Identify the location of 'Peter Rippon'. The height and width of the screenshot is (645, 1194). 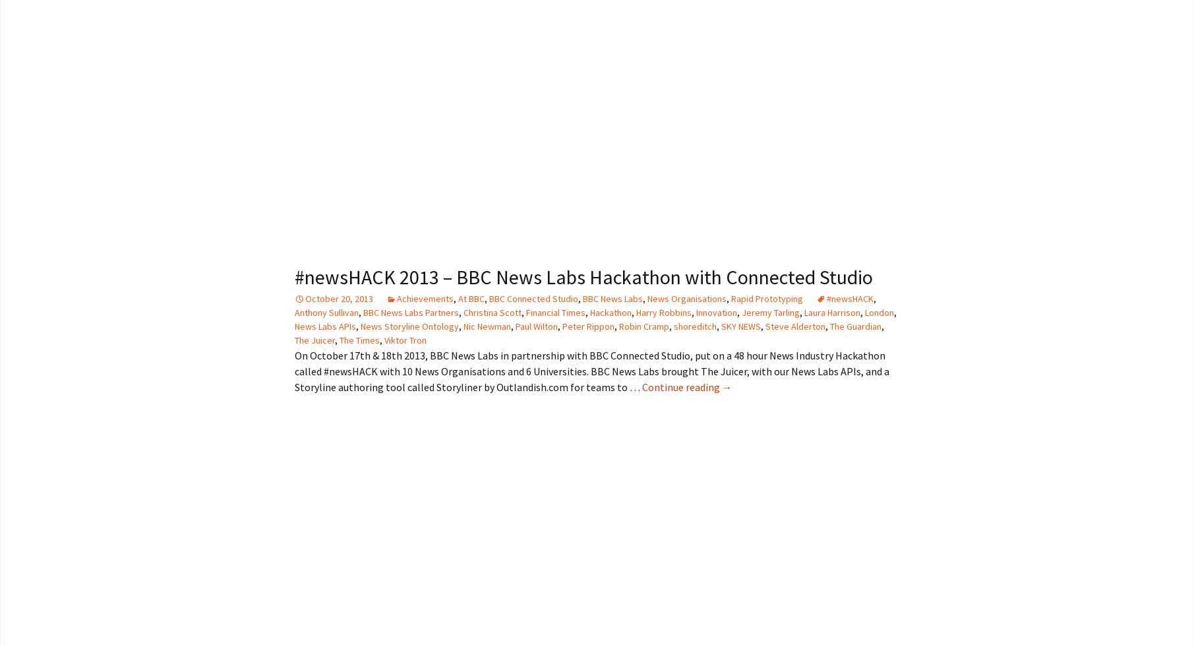
(587, 325).